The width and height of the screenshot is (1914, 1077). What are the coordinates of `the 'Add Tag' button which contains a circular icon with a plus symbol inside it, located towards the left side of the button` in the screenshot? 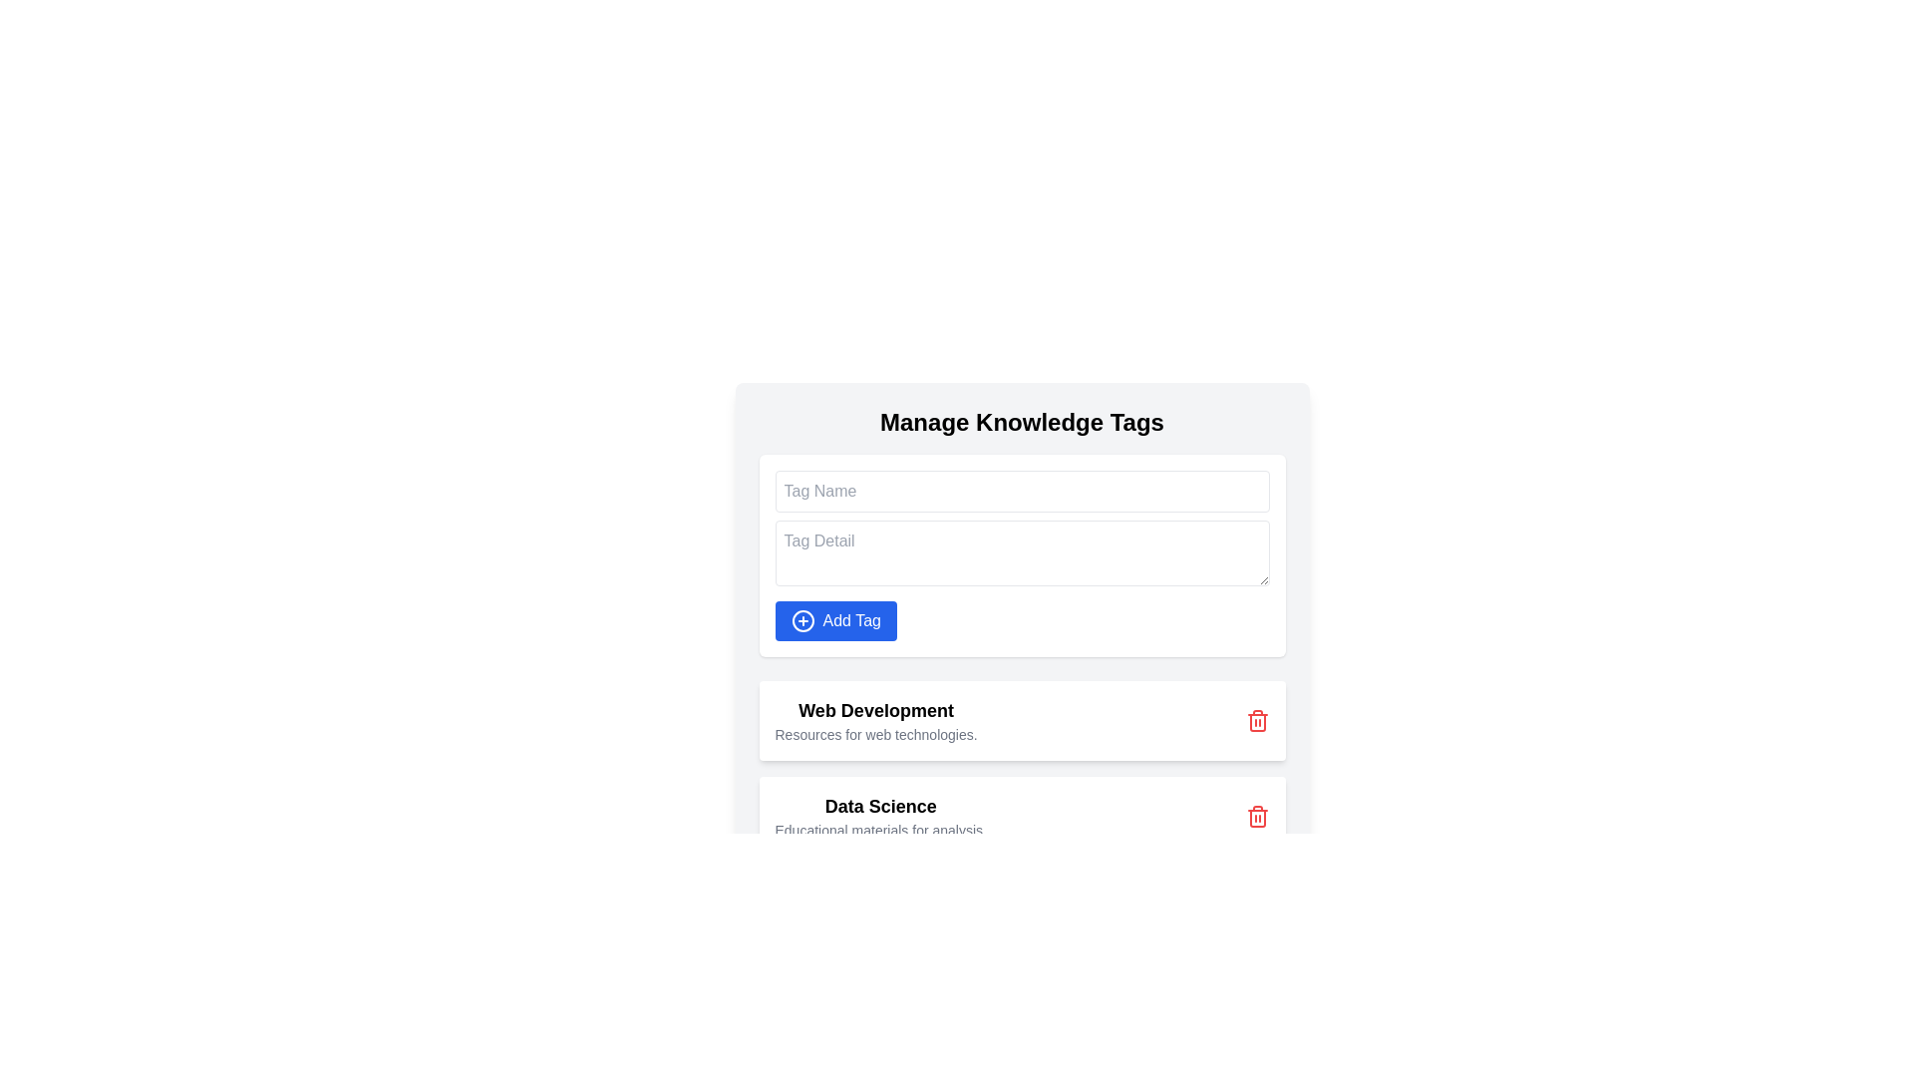 It's located at (802, 620).